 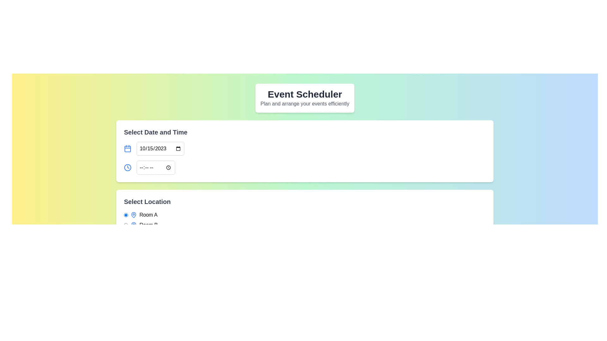 I want to click on the small, circular blue clock icon located in the 'Select Date and Time' section, which is positioned before the time input field, so click(x=127, y=167).